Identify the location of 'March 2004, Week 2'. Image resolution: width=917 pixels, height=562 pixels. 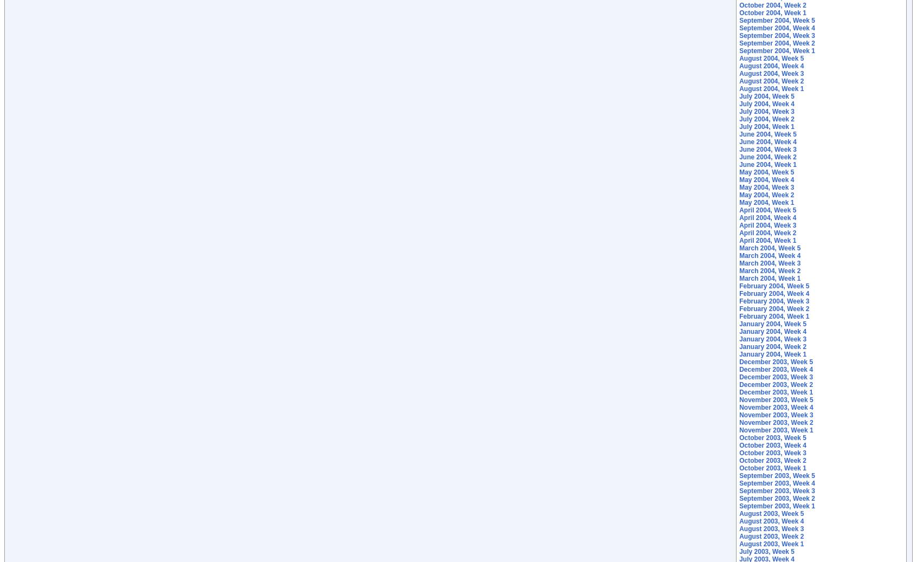
(769, 270).